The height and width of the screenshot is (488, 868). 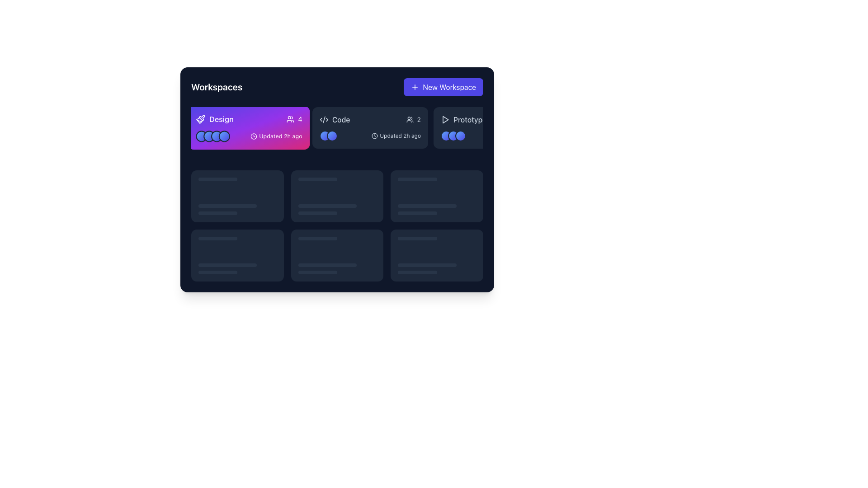 I want to click on the first decorative indicator badge within the horizontally aligned group located in the second dashboard card labeled 'Code', so click(x=325, y=136).